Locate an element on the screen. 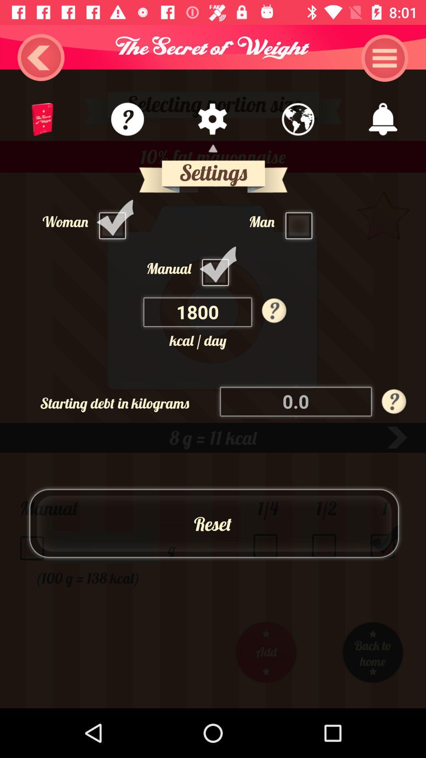 This screenshot has width=426, height=758. edit starting debt in kilograms is located at coordinates (296, 401).